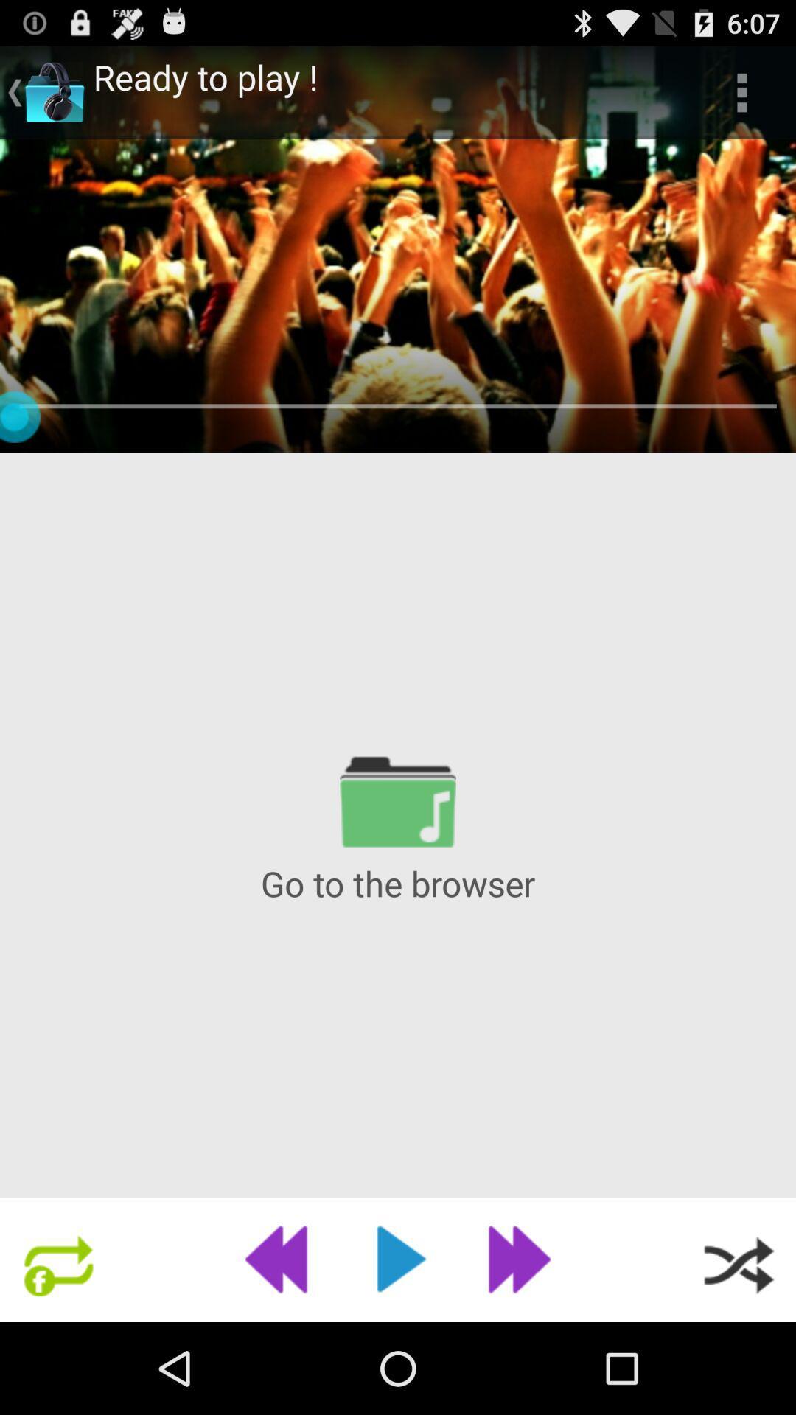  I want to click on the play icon, so click(398, 1349).